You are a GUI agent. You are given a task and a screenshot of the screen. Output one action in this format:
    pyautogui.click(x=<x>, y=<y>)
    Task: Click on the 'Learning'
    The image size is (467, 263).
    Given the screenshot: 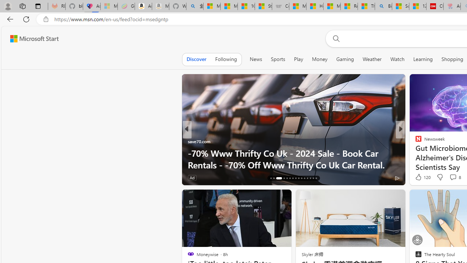 What is the action you would take?
    pyautogui.click(x=423, y=59)
    